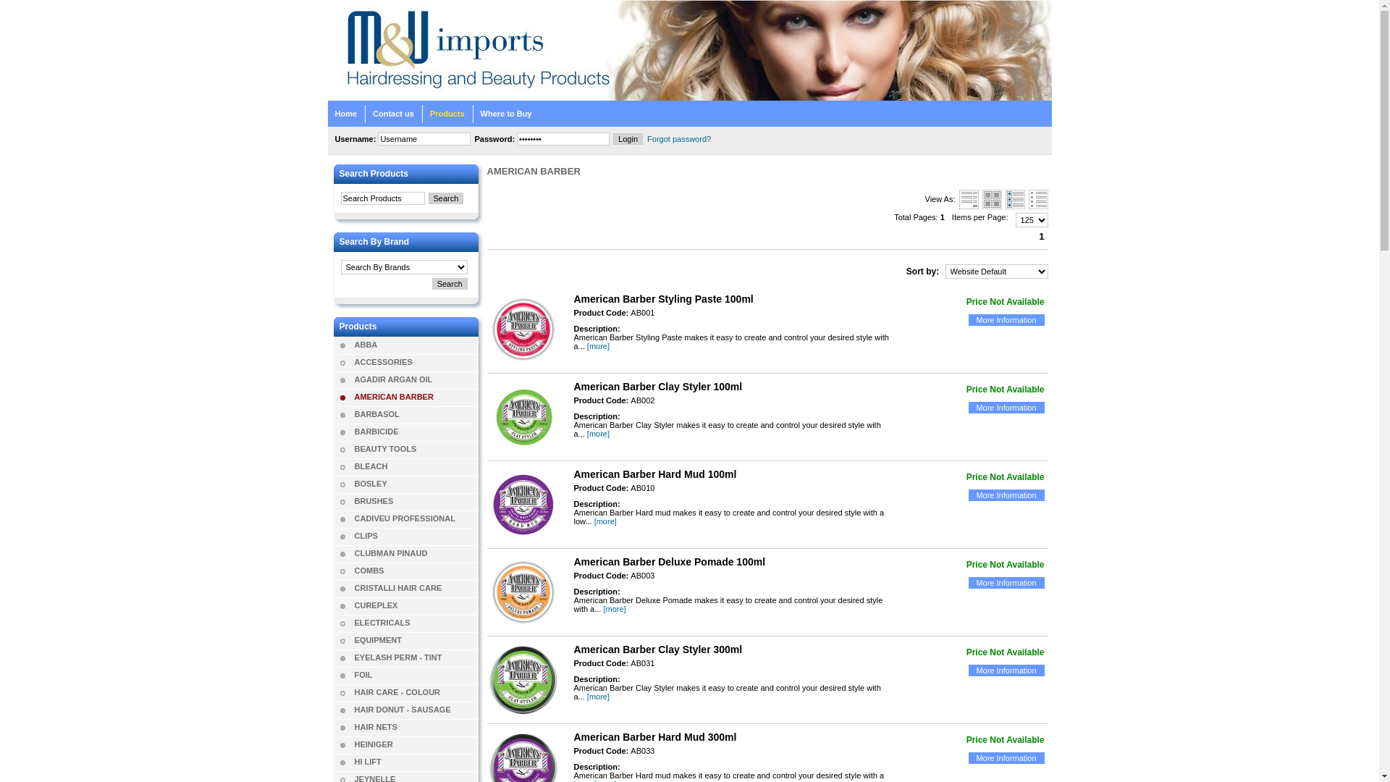 This screenshot has width=1390, height=782. What do you see at coordinates (415, 605) in the screenshot?
I see `'CUREPLEX'` at bounding box center [415, 605].